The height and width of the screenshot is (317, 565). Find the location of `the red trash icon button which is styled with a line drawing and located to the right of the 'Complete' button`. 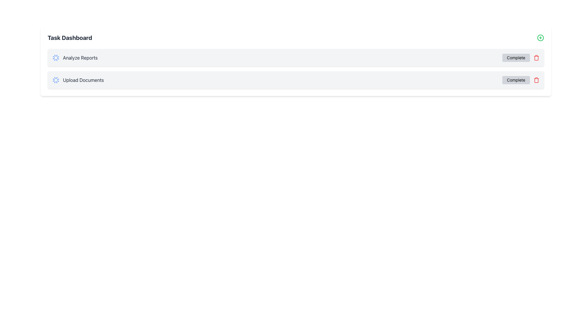

the red trash icon button which is styled with a line drawing and located to the right of the 'Complete' button is located at coordinates (536, 58).